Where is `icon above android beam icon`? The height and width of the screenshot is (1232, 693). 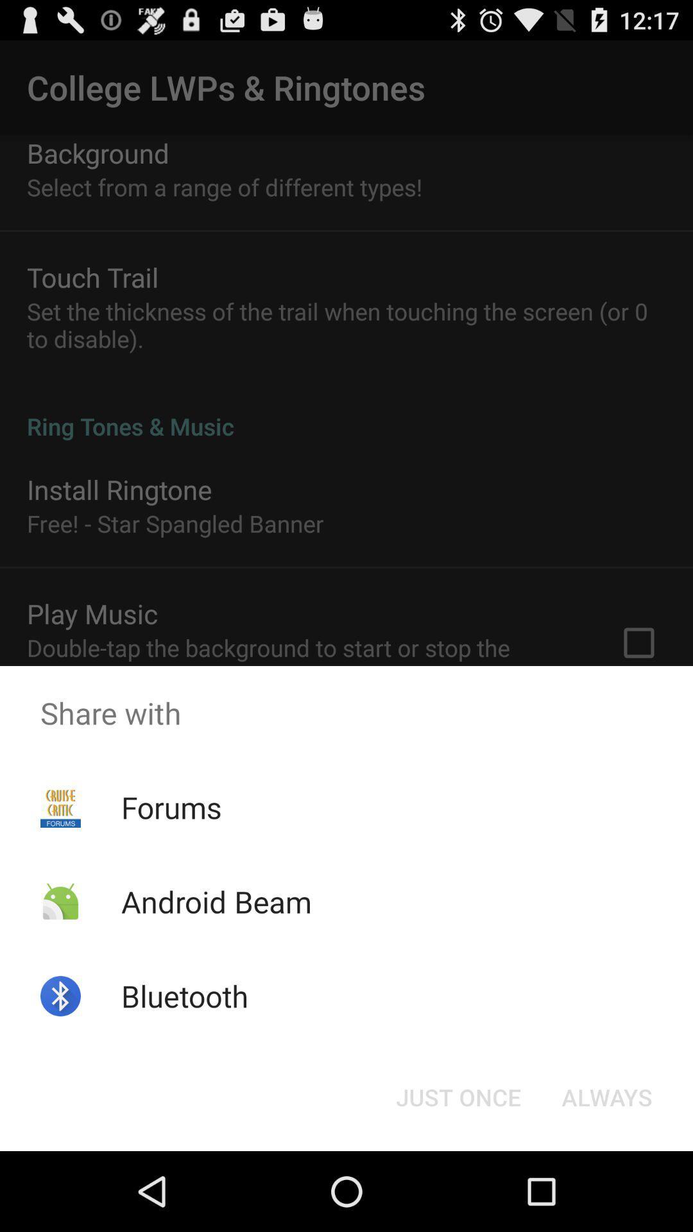 icon above android beam icon is located at coordinates (171, 807).